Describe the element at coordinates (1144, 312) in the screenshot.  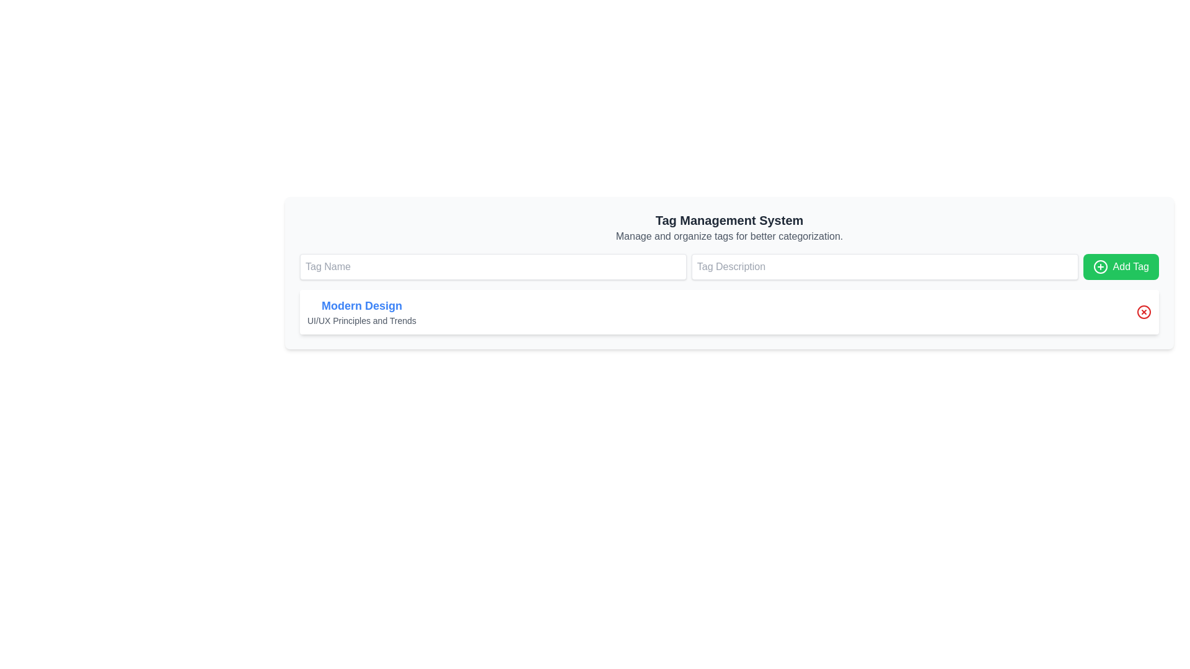
I see `the red circular icon button with an 'X' symbol located at the rightmost position of the row containing the 'Modern Design' card` at that location.